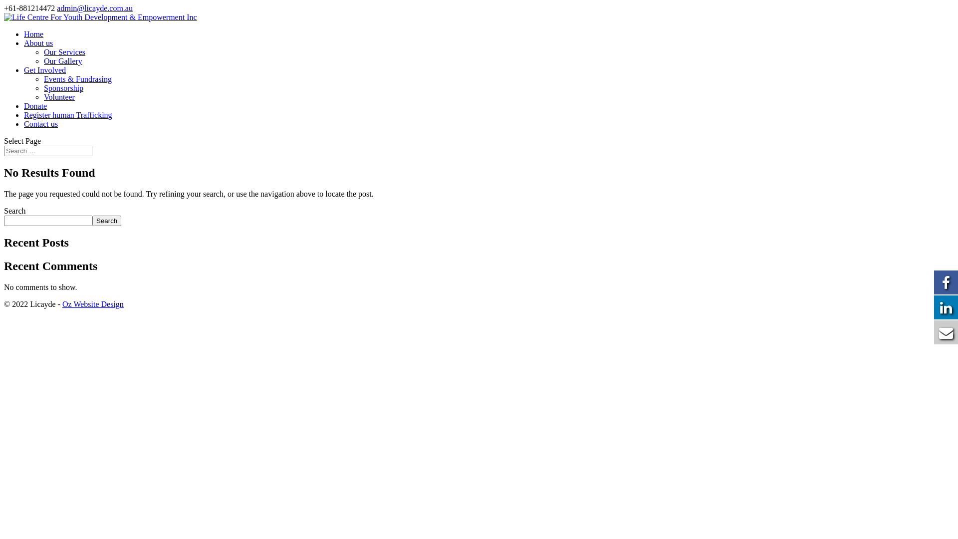 This screenshot has width=958, height=539. I want to click on 'Contact us', so click(40, 123).